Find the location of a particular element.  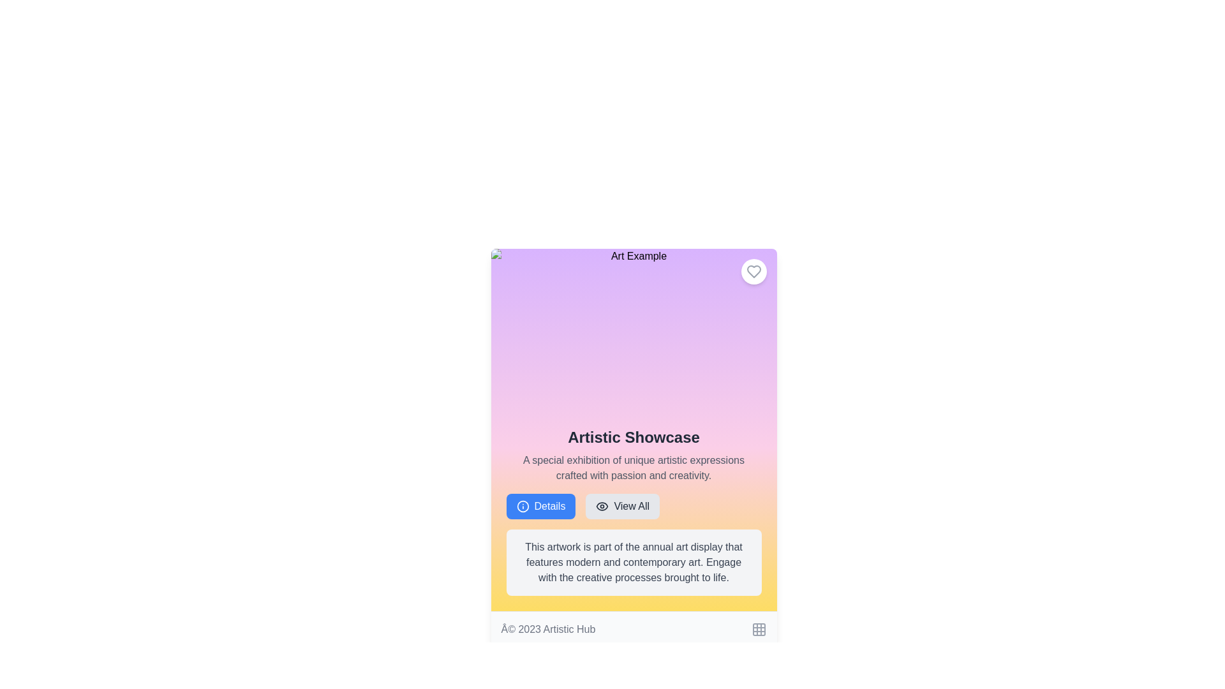

the graphical icon embedded in the 'View All' button, which signifies a viewing action and is located to the left of the 'View All' text is located at coordinates (602, 506).